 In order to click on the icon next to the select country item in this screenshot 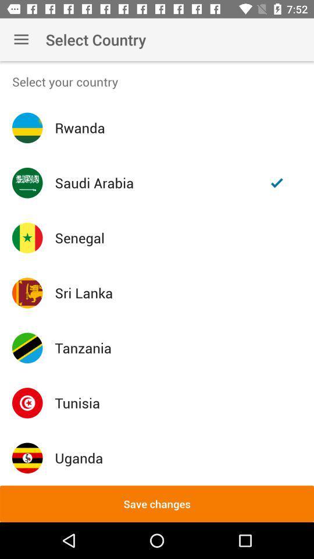, I will do `click(21, 40)`.